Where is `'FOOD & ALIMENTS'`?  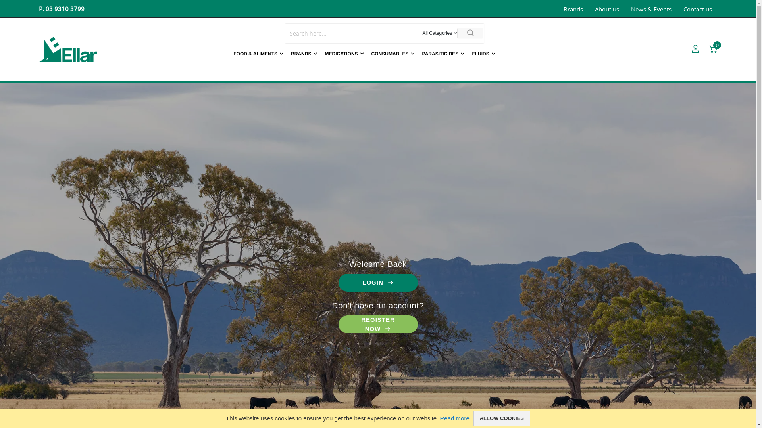
'FOOD & ALIMENTS' is located at coordinates (258, 53).